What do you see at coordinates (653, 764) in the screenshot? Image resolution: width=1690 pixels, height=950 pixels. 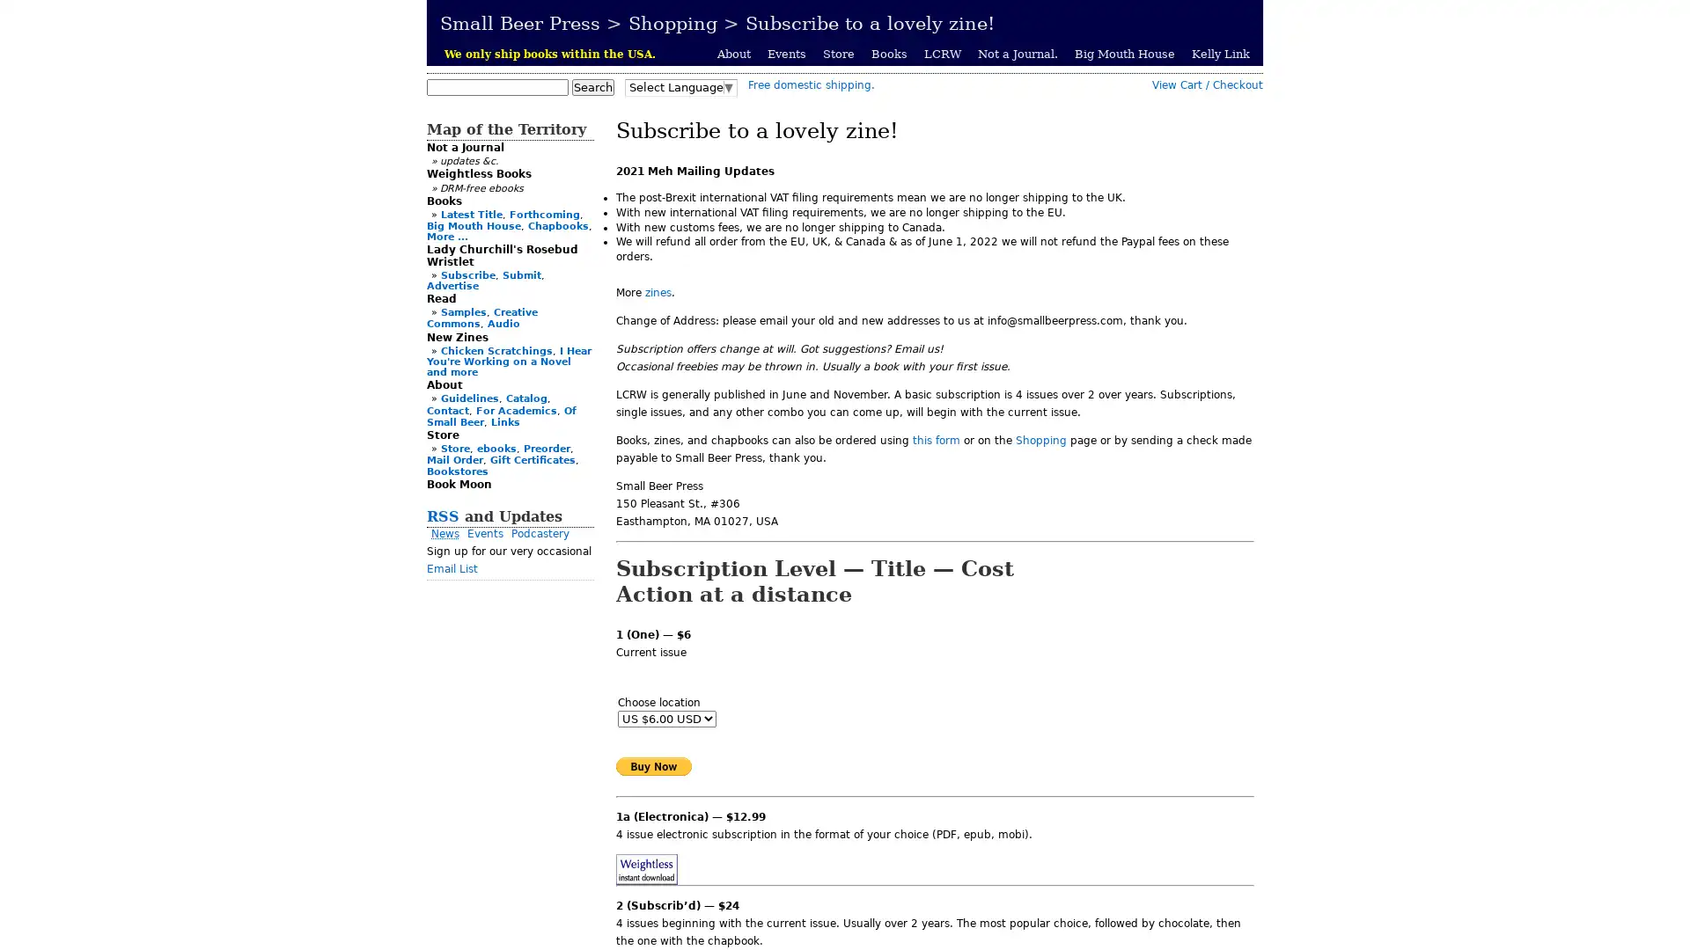 I see `PayPal - The safer, easier way to pay online!` at bounding box center [653, 764].